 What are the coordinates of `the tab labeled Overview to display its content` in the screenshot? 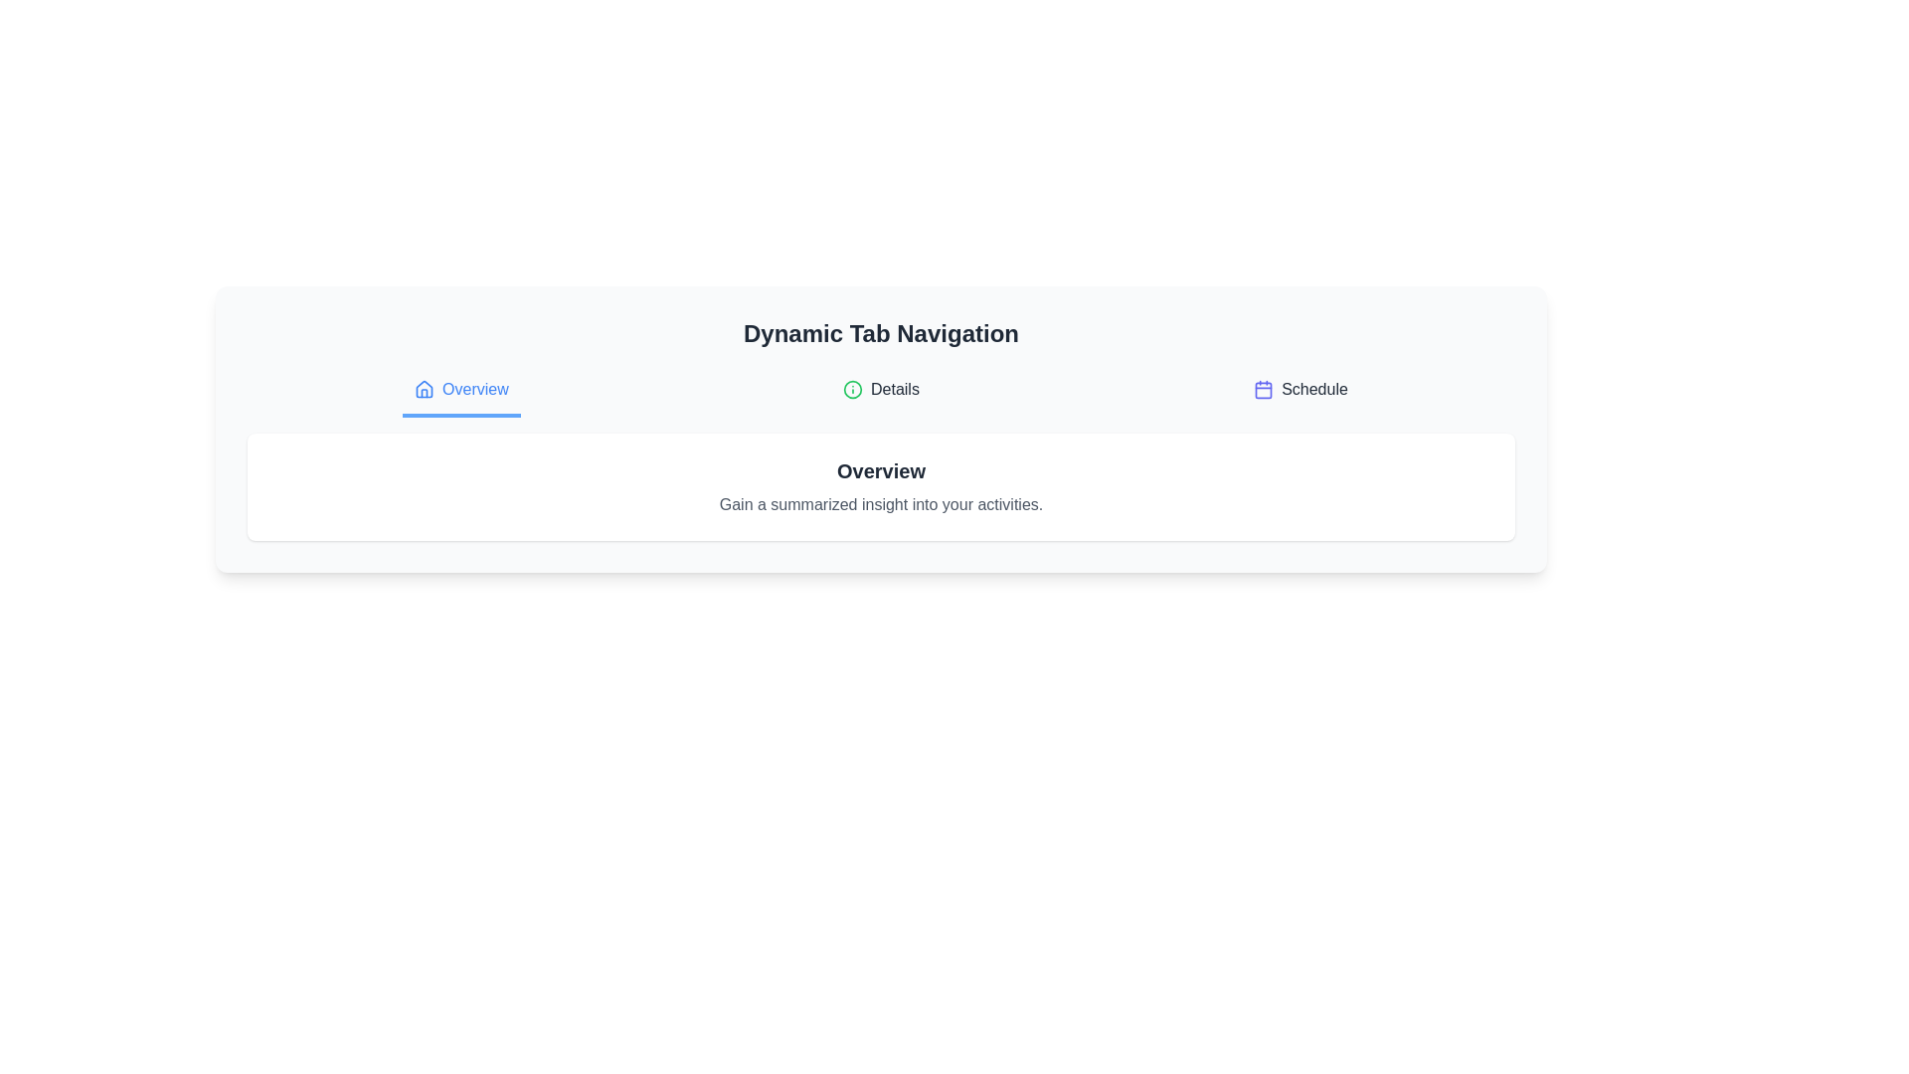 It's located at (460, 391).